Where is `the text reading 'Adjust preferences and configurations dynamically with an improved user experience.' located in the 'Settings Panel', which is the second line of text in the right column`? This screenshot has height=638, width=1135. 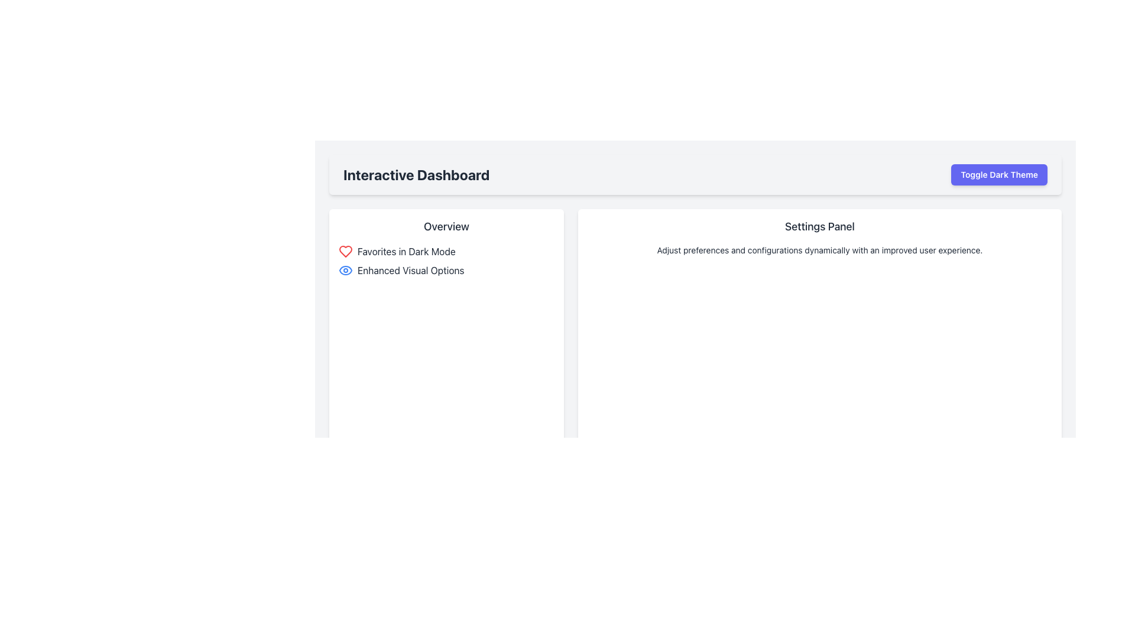
the text reading 'Adjust preferences and configurations dynamically with an improved user experience.' located in the 'Settings Panel', which is the second line of text in the right column is located at coordinates (819, 250).